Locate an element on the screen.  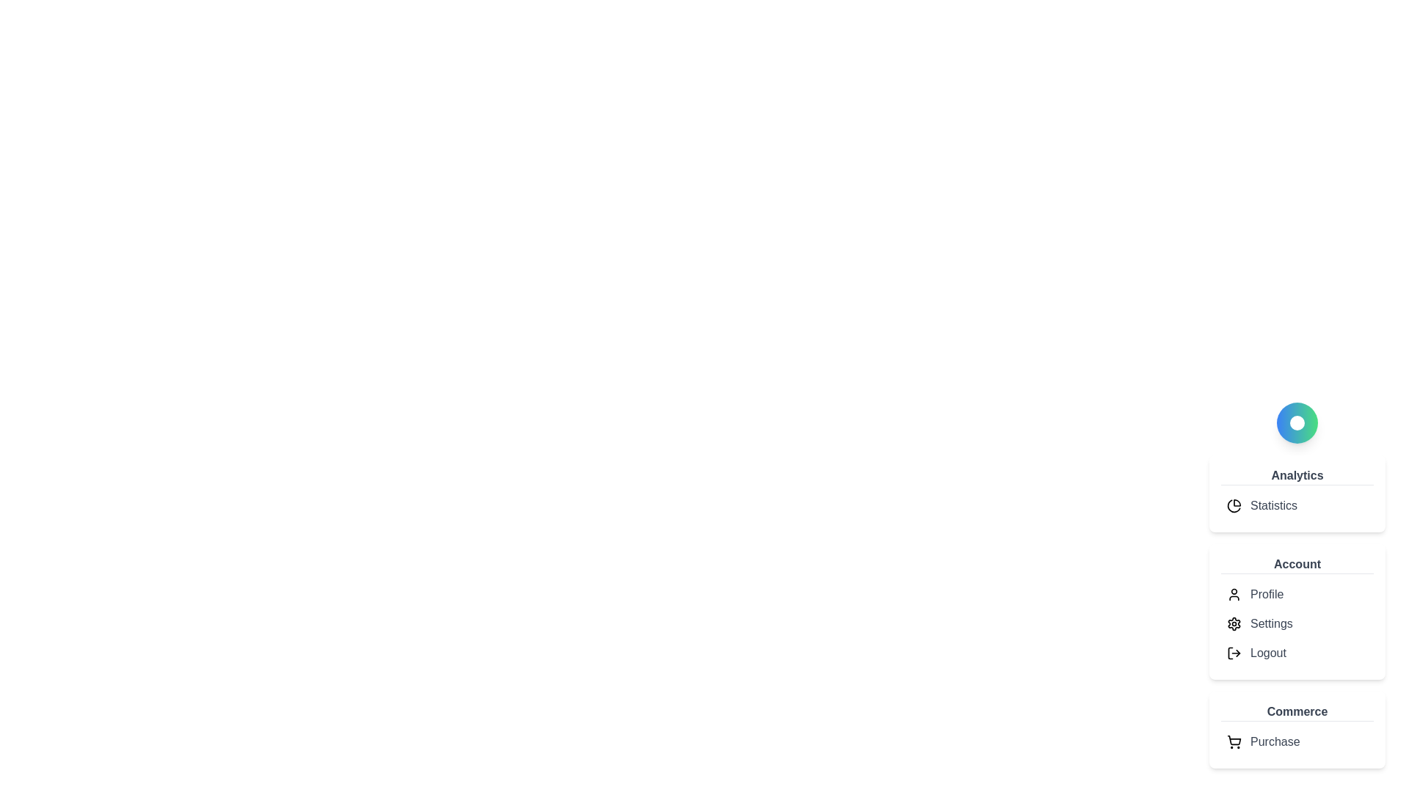
the circular button to toggle the speed dial menu visibility is located at coordinates (1297, 423).